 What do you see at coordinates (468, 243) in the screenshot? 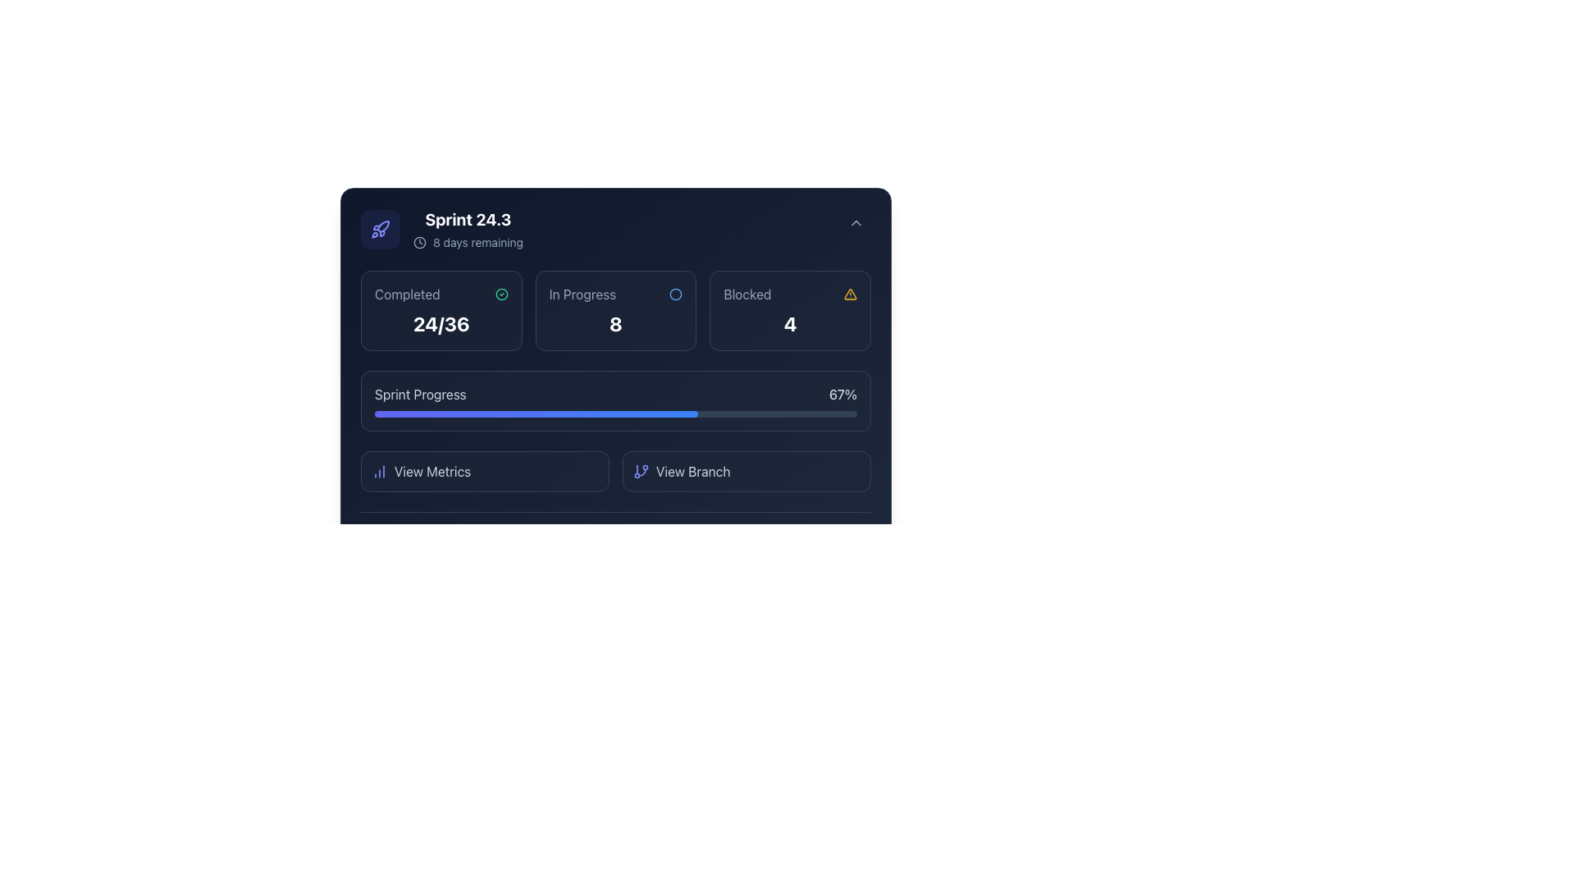
I see `the inline informational text element indicating the remaining time for a sprint, located directly under 'Sprint 24.3'` at bounding box center [468, 243].